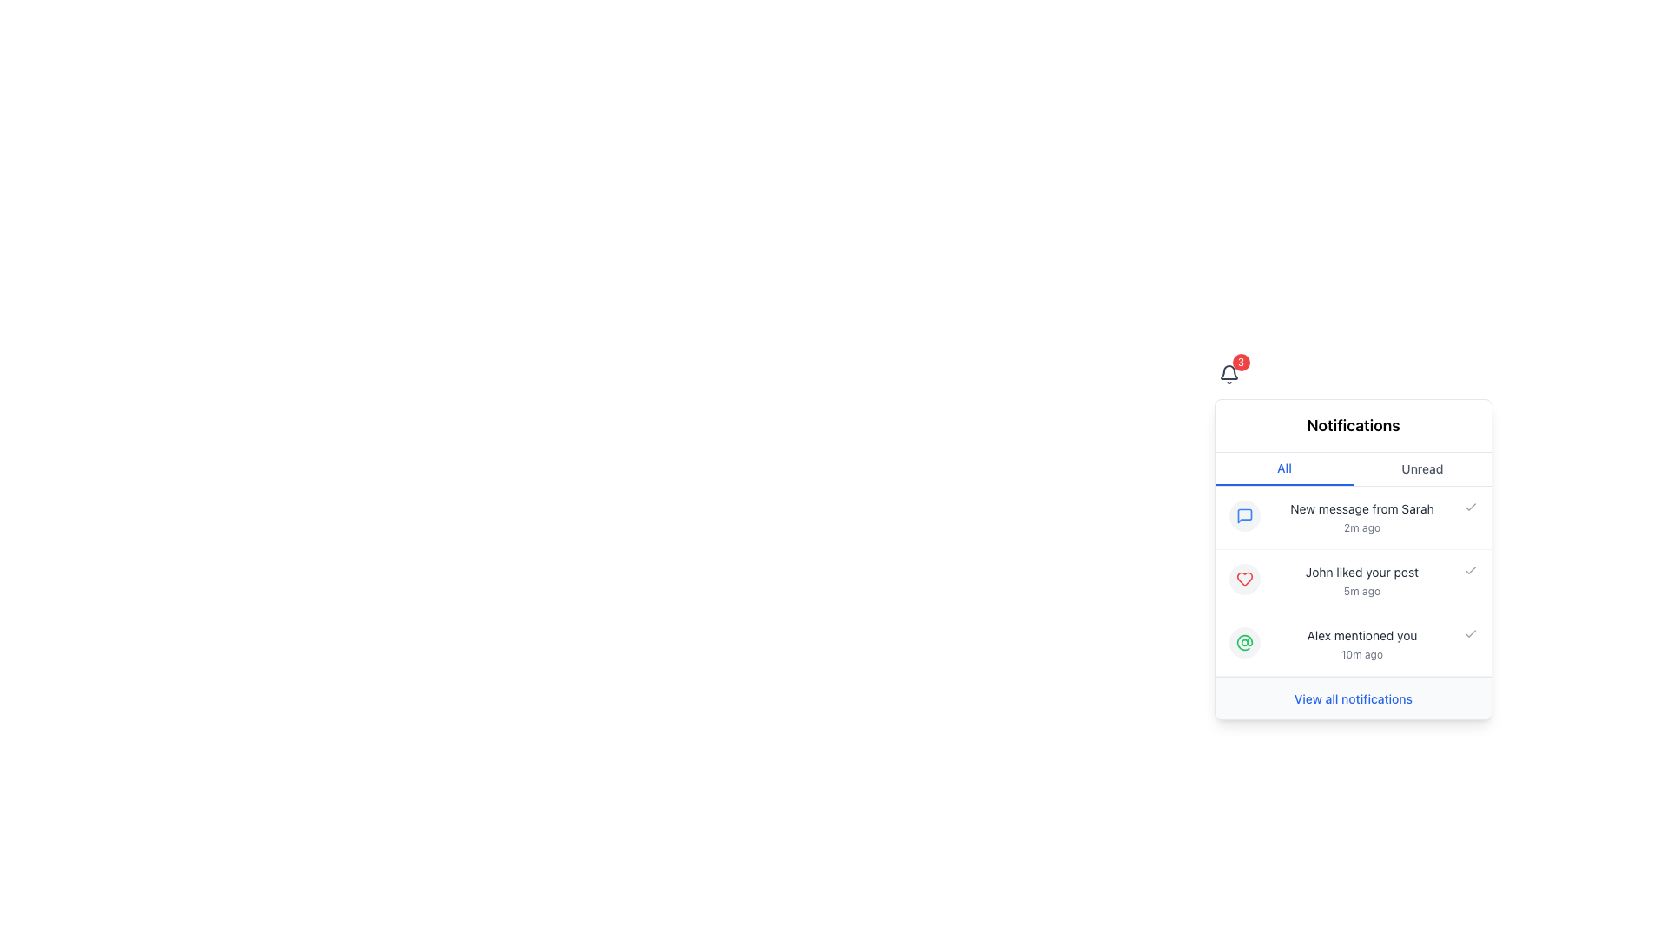 The height and width of the screenshot is (937, 1667). I want to click on the notification icon located at the top-right corner of the notification pop-up interface, which indicates mentions or highlights related to user communication or activity, so click(1244, 642).